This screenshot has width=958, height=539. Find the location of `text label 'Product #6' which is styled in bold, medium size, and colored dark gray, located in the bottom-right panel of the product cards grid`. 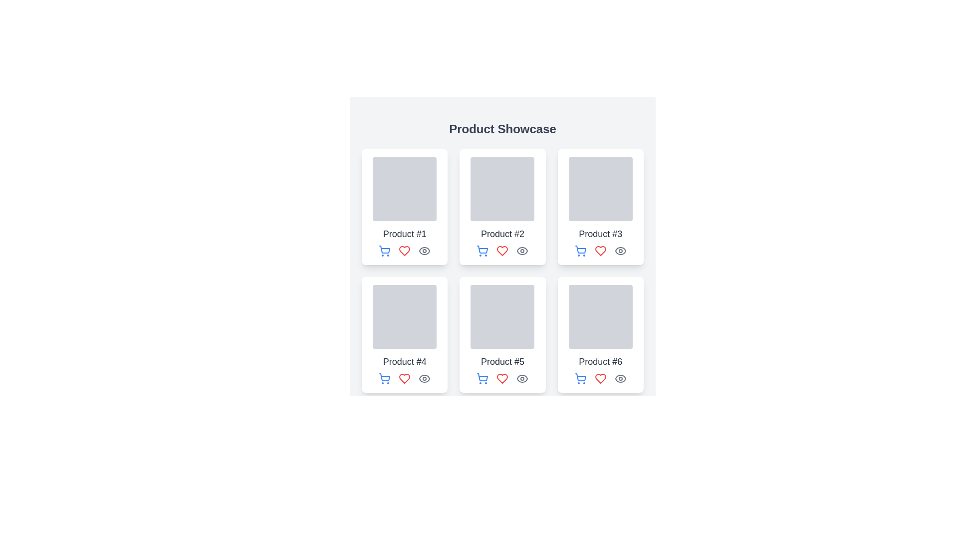

text label 'Product #6' which is styled in bold, medium size, and colored dark gray, located in the bottom-right panel of the product cards grid is located at coordinates (600, 362).